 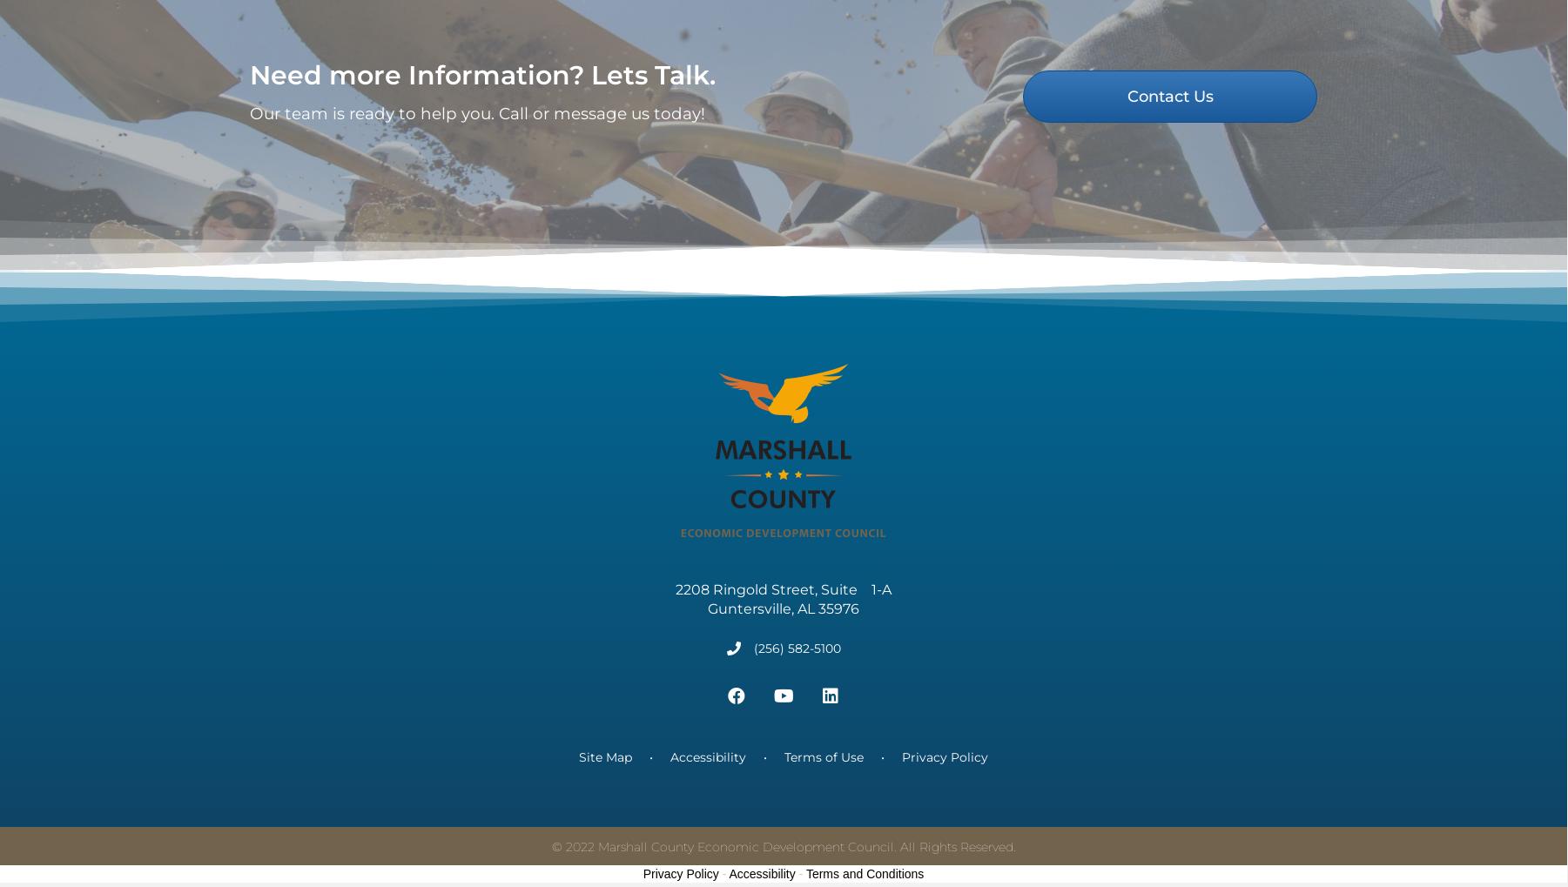 What do you see at coordinates (676, 611) in the screenshot?
I see `'2208 Ringold Street, Suite    1-A'` at bounding box center [676, 611].